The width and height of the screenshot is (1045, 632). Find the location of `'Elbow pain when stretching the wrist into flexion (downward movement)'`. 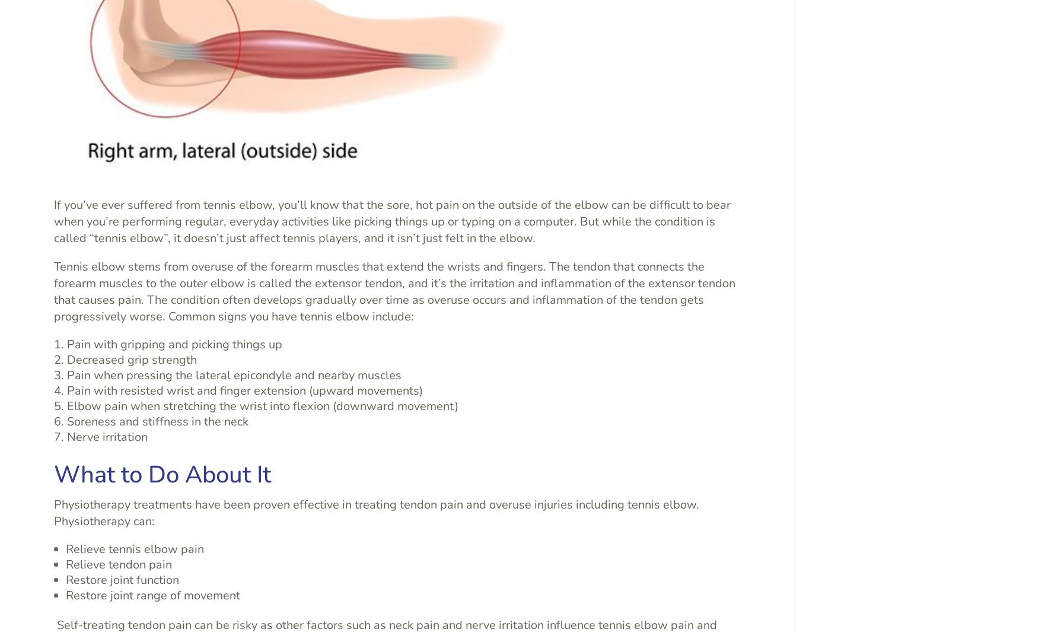

'Elbow pain when stretching the wrist into flexion (downward movement)' is located at coordinates (262, 405).